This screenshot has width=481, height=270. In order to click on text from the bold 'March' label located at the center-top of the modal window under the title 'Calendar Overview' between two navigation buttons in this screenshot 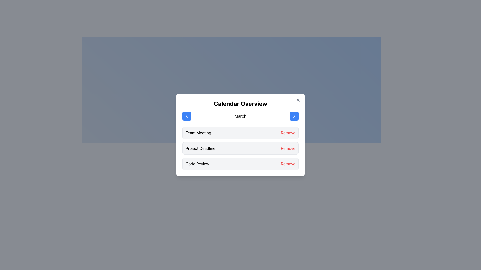, I will do `click(241, 116)`.